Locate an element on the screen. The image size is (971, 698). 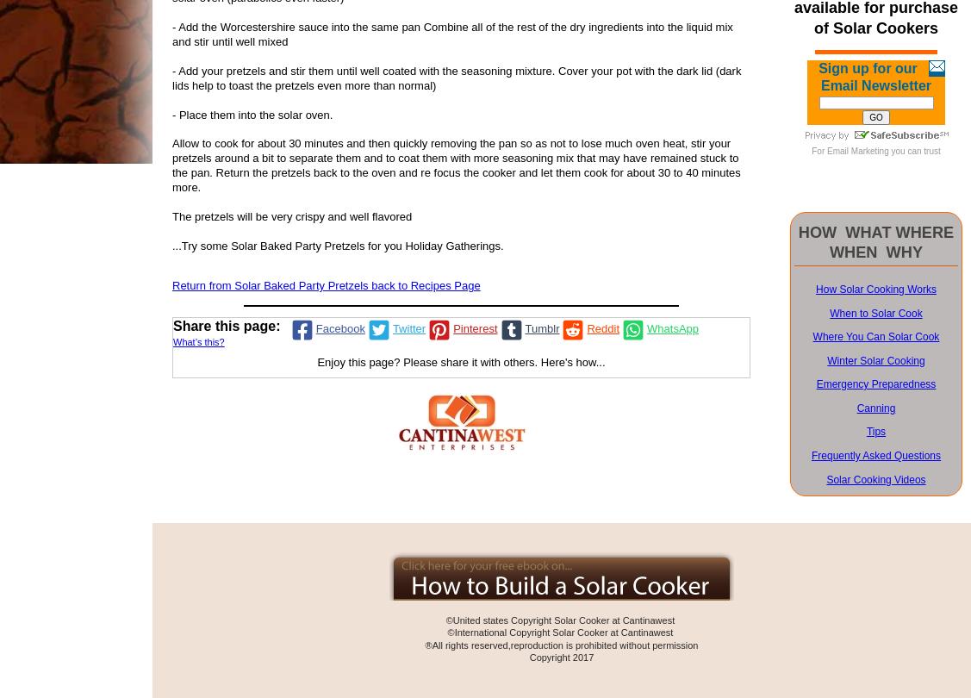
'WhatsApp' is located at coordinates (673, 327).